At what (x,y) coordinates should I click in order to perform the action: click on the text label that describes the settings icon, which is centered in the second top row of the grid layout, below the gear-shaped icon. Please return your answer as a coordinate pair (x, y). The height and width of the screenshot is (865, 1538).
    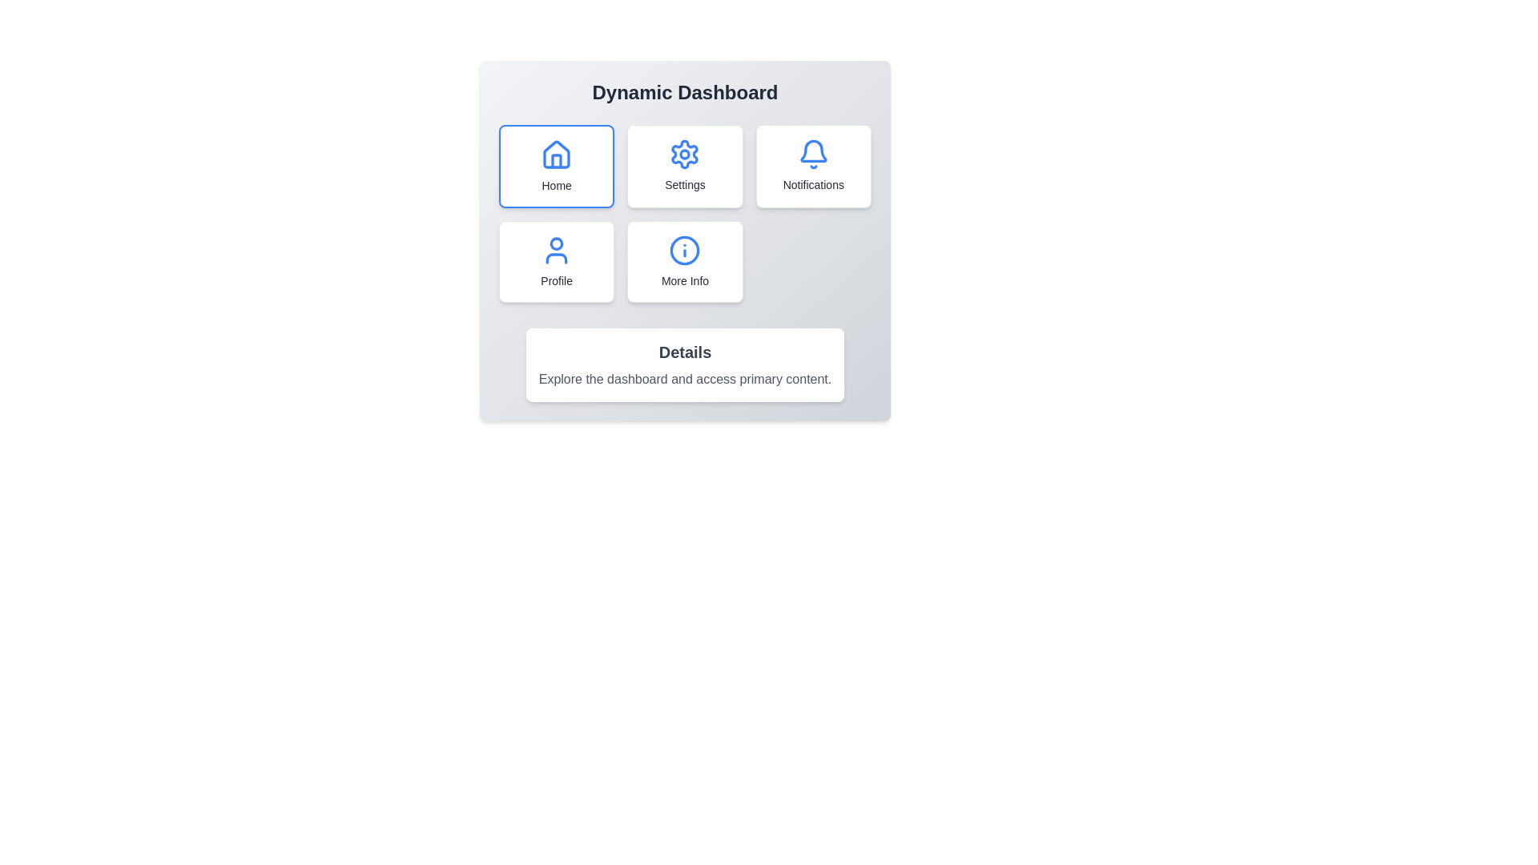
    Looking at the image, I should click on (685, 184).